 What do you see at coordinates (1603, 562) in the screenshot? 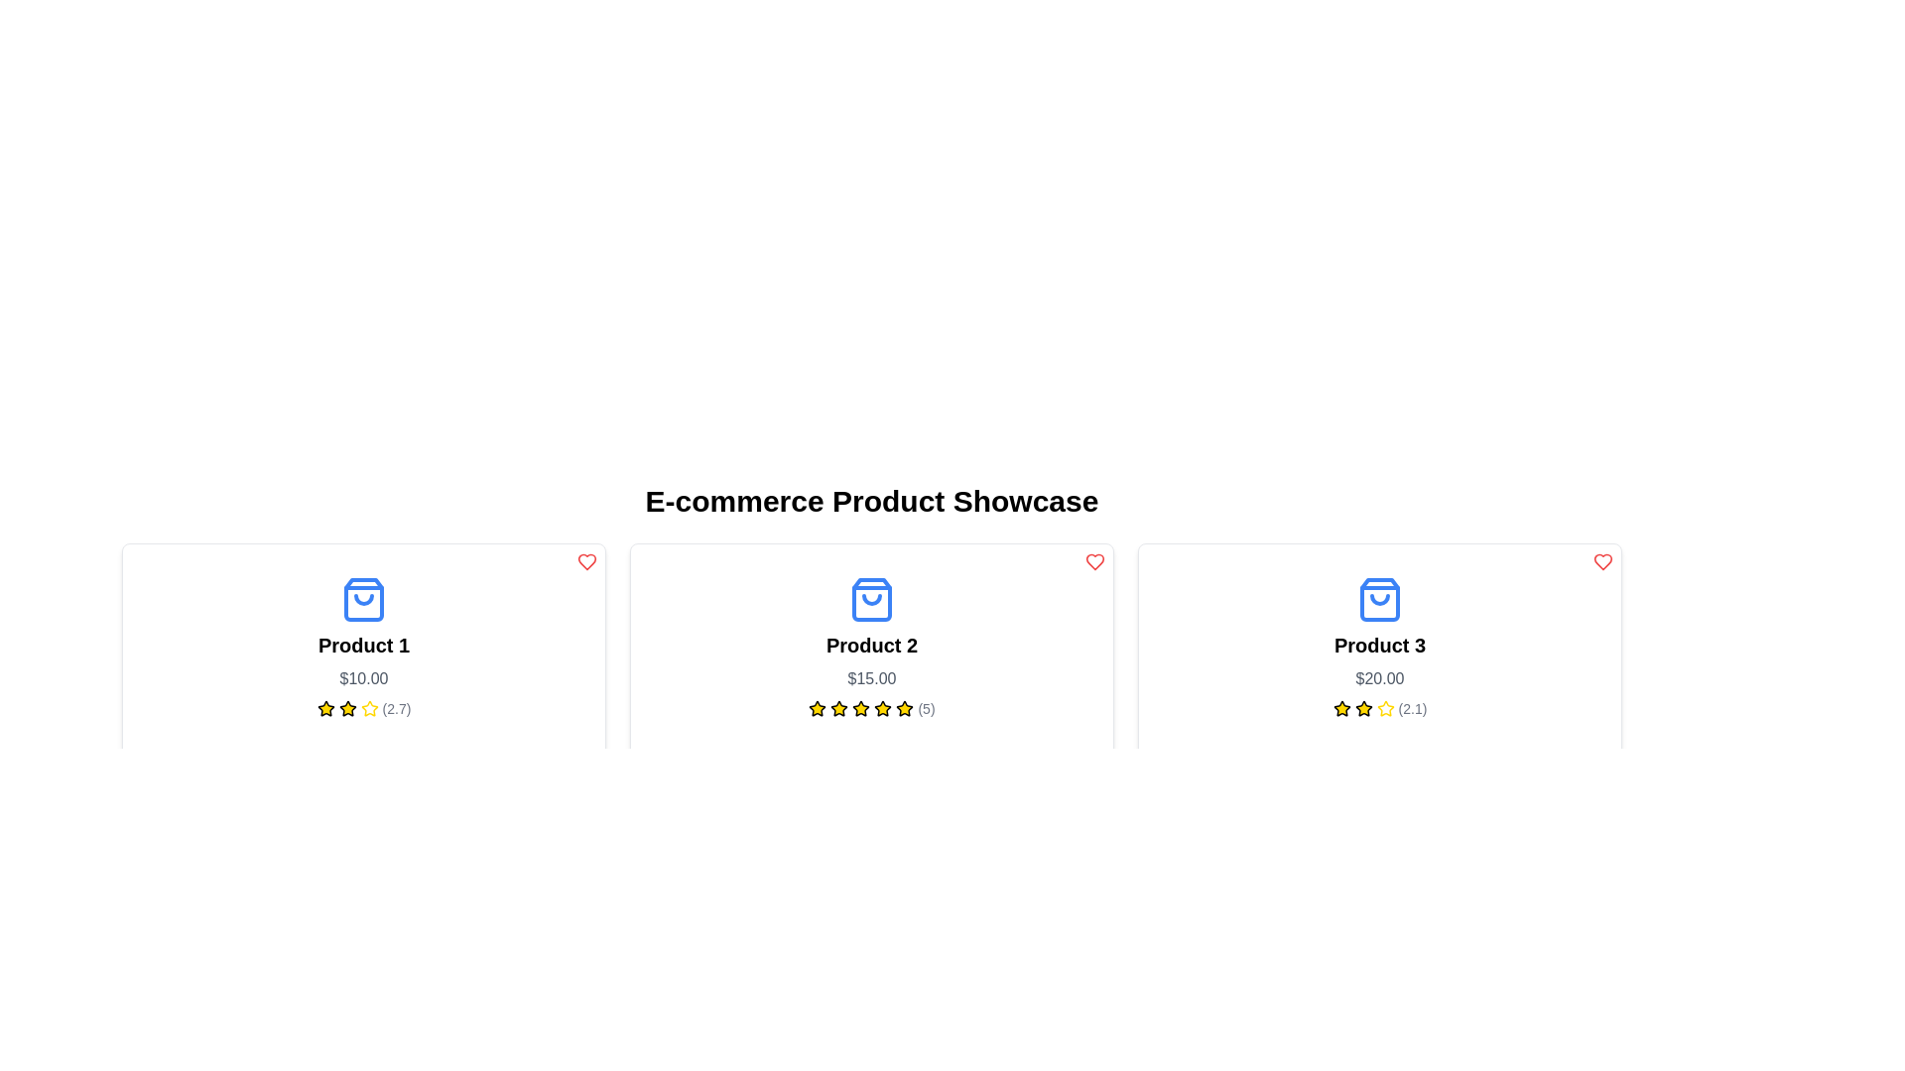
I see `the red heart-shaped icon button in the top-right corner of the 'Product 3' card` at bounding box center [1603, 562].